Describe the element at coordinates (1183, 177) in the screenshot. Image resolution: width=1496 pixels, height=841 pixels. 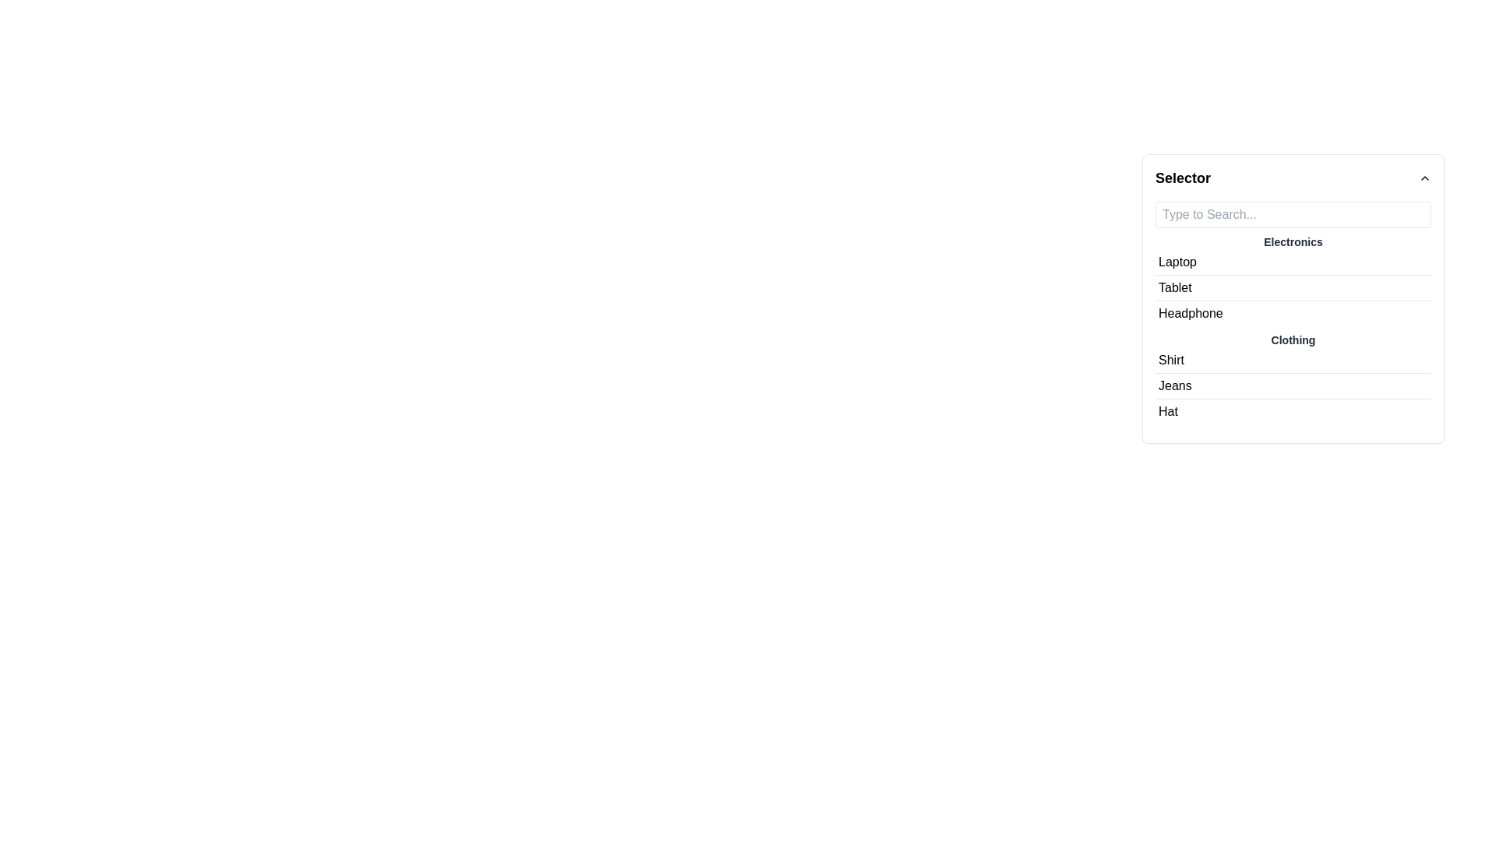
I see `the static text label displaying 'Selector', which is bold and black, located at the top-left side of the dropdown interface` at that location.